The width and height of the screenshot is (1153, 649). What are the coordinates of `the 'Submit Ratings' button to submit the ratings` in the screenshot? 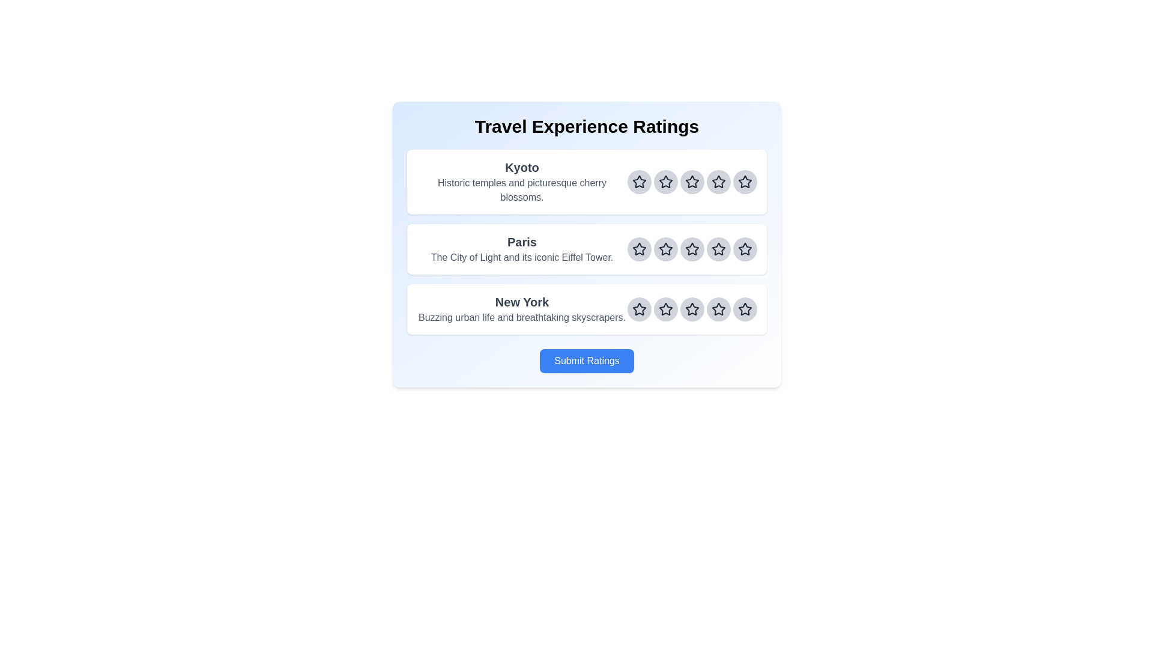 It's located at (587, 361).